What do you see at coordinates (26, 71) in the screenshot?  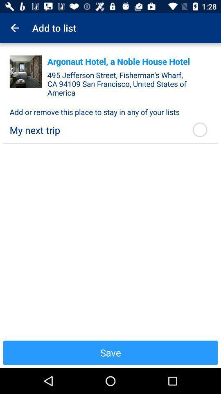 I see `it indicates a living room of a particular house` at bounding box center [26, 71].